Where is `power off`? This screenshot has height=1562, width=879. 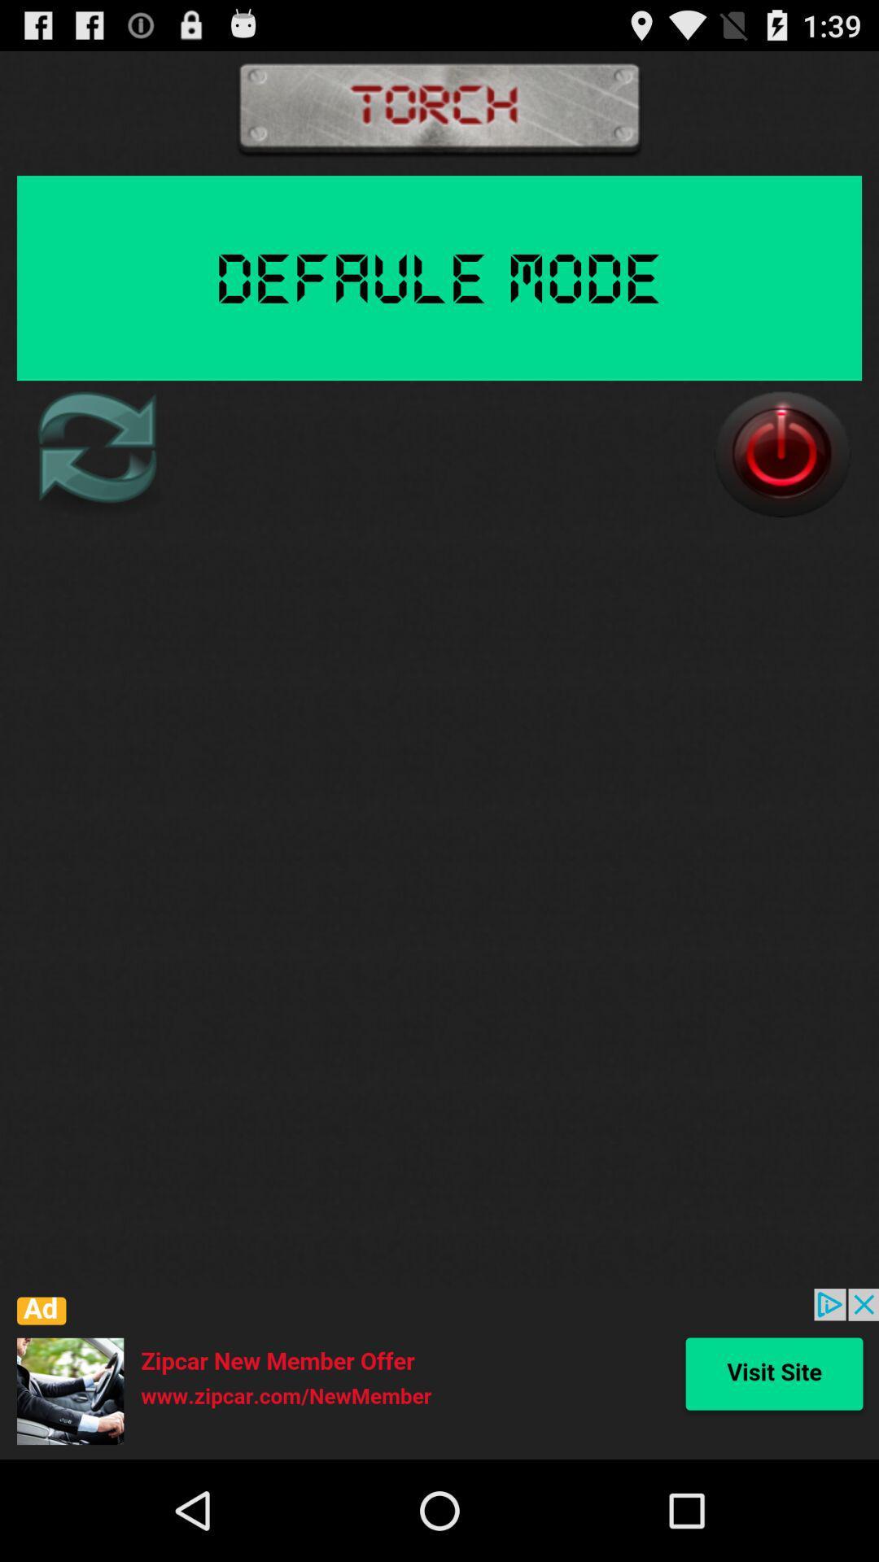
power off is located at coordinates (781, 454).